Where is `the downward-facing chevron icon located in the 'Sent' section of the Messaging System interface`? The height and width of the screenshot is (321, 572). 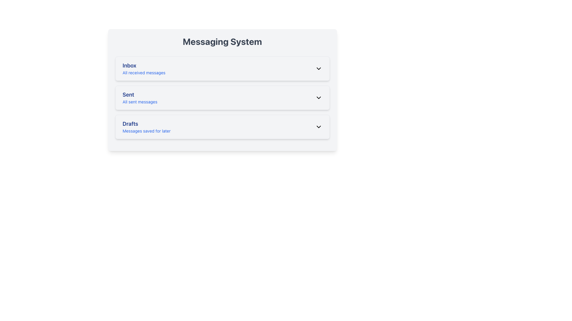 the downward-facing chevron icon located in the 'Sent' section of the Messaging System interface is located at coordinates (318, 97).